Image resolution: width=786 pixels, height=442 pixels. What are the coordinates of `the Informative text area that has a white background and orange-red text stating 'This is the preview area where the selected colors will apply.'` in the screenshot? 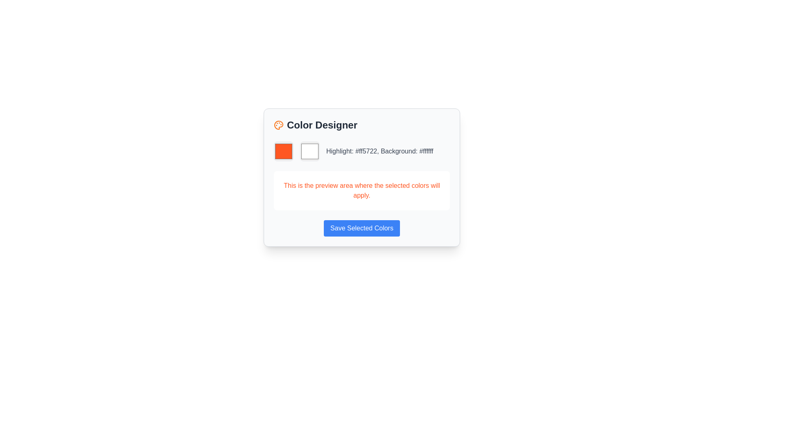 It's located at (361, 191).